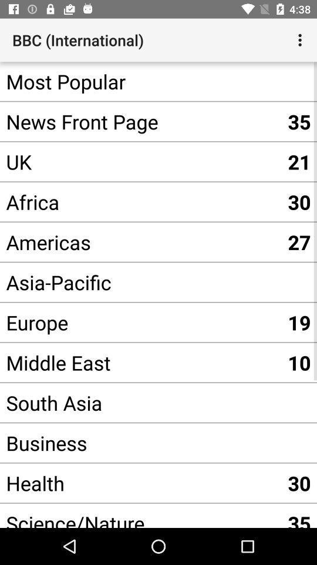  What do you see at coordinates (140, 322) in the screenshot?
I see `the icon above the 10 app` at bounding box center [140, 322].